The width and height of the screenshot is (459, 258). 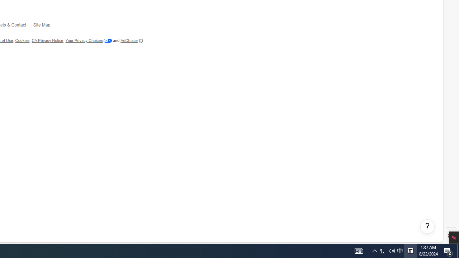 What do you see at coordinates (45, 26) in the screenshot?
I see `'Site Map'` at bounding box center [45, 26].